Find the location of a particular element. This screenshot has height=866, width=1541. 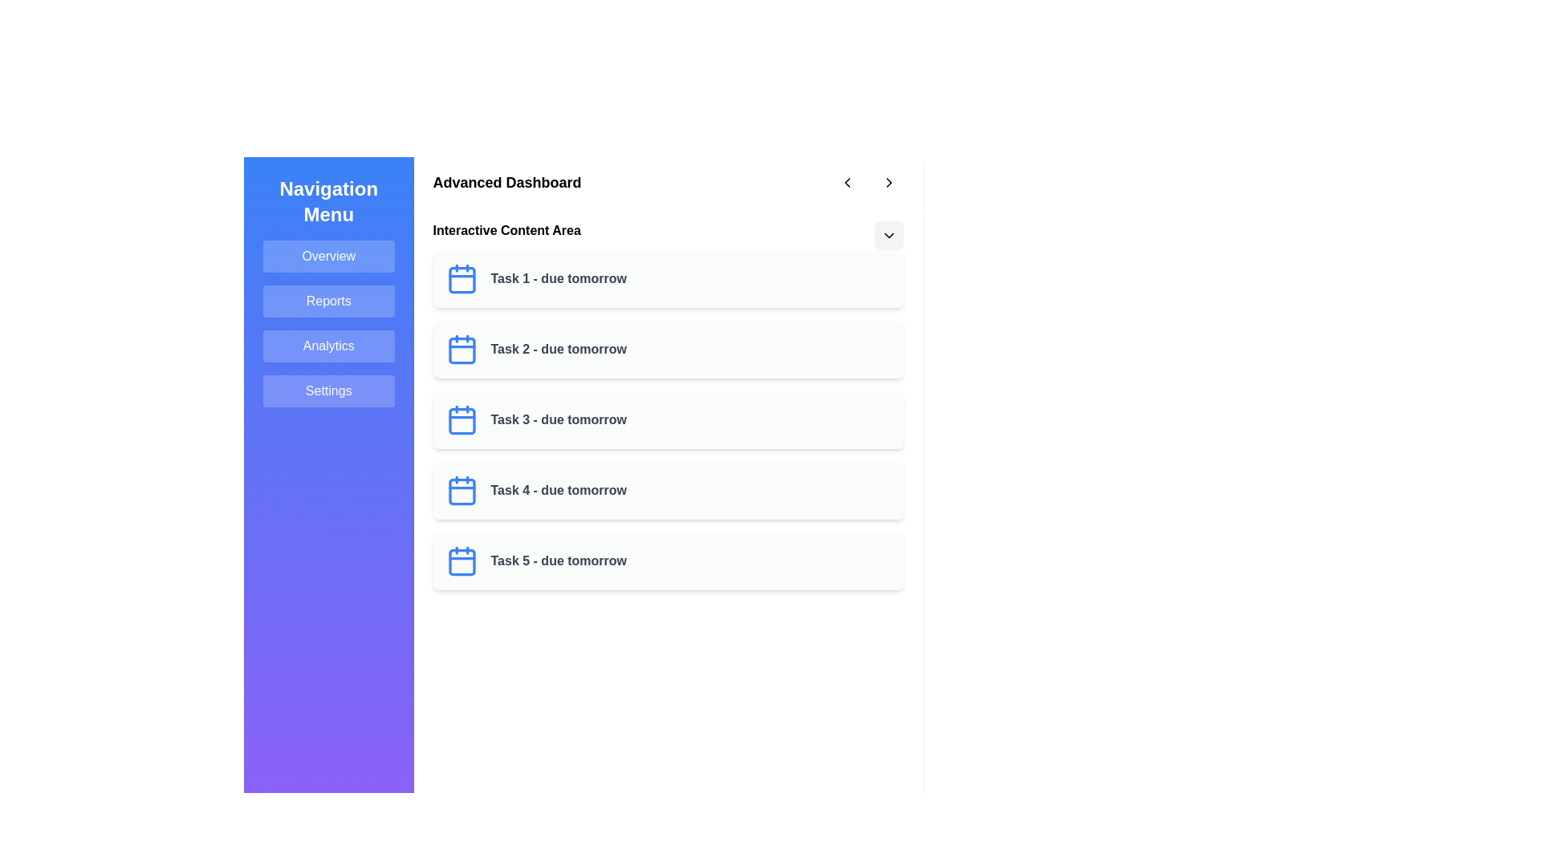

the second button on the right side of the header, which is used for navigating forward to the next section is located at coordinates (888, 181).